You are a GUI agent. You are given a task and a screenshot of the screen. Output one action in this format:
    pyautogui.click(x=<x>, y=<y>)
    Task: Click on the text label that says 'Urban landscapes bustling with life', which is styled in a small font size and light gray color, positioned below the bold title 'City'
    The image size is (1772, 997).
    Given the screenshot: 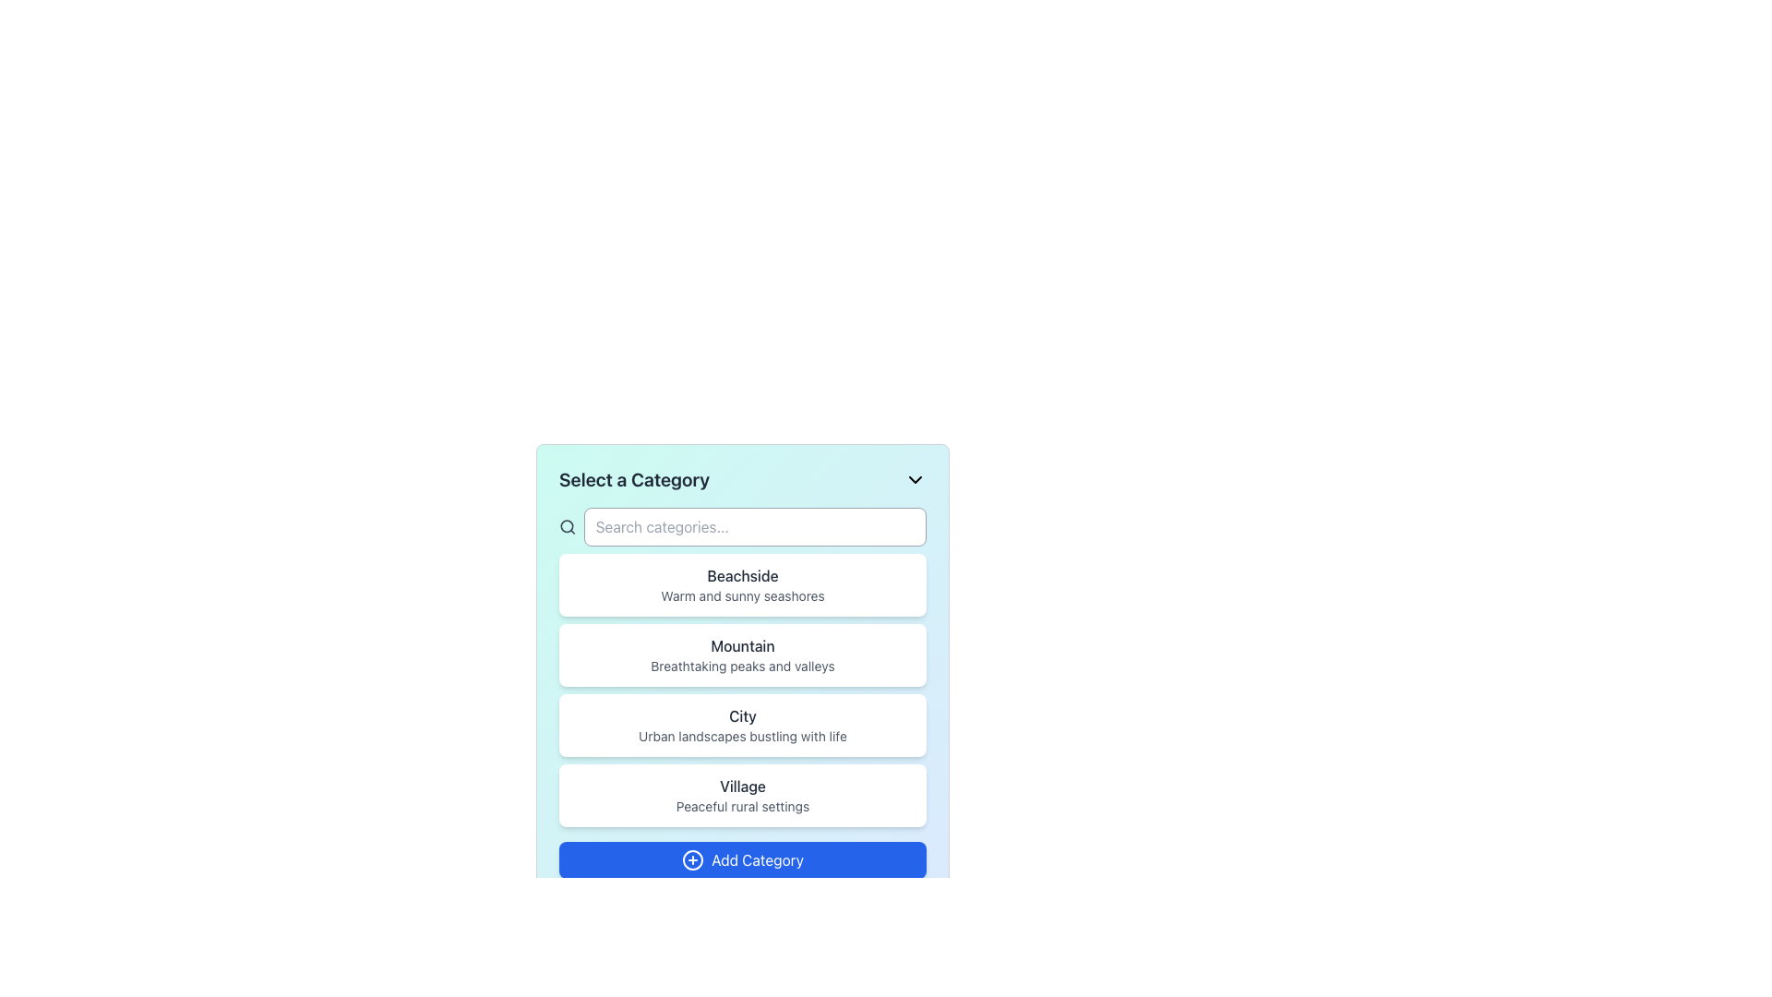 What is the action you would take?
    pyautogui.click(x=743, y=736)
    